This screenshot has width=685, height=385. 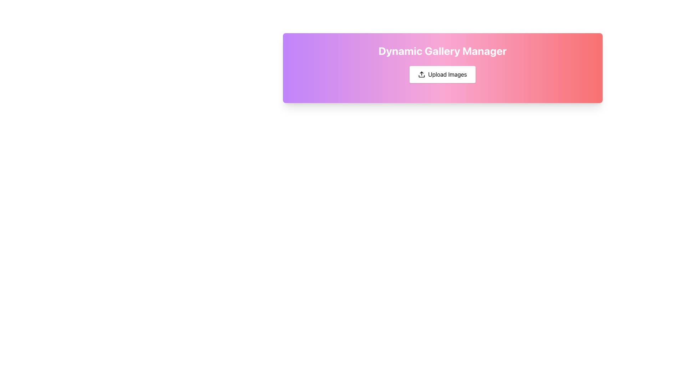 What do you see at coordinates (447, 74) in the screenshot?
I see `descriptive label for the upload image files button, which is centrally located below the 'Dynamic Gallery Manager' title` at bounding box center [447, 74].